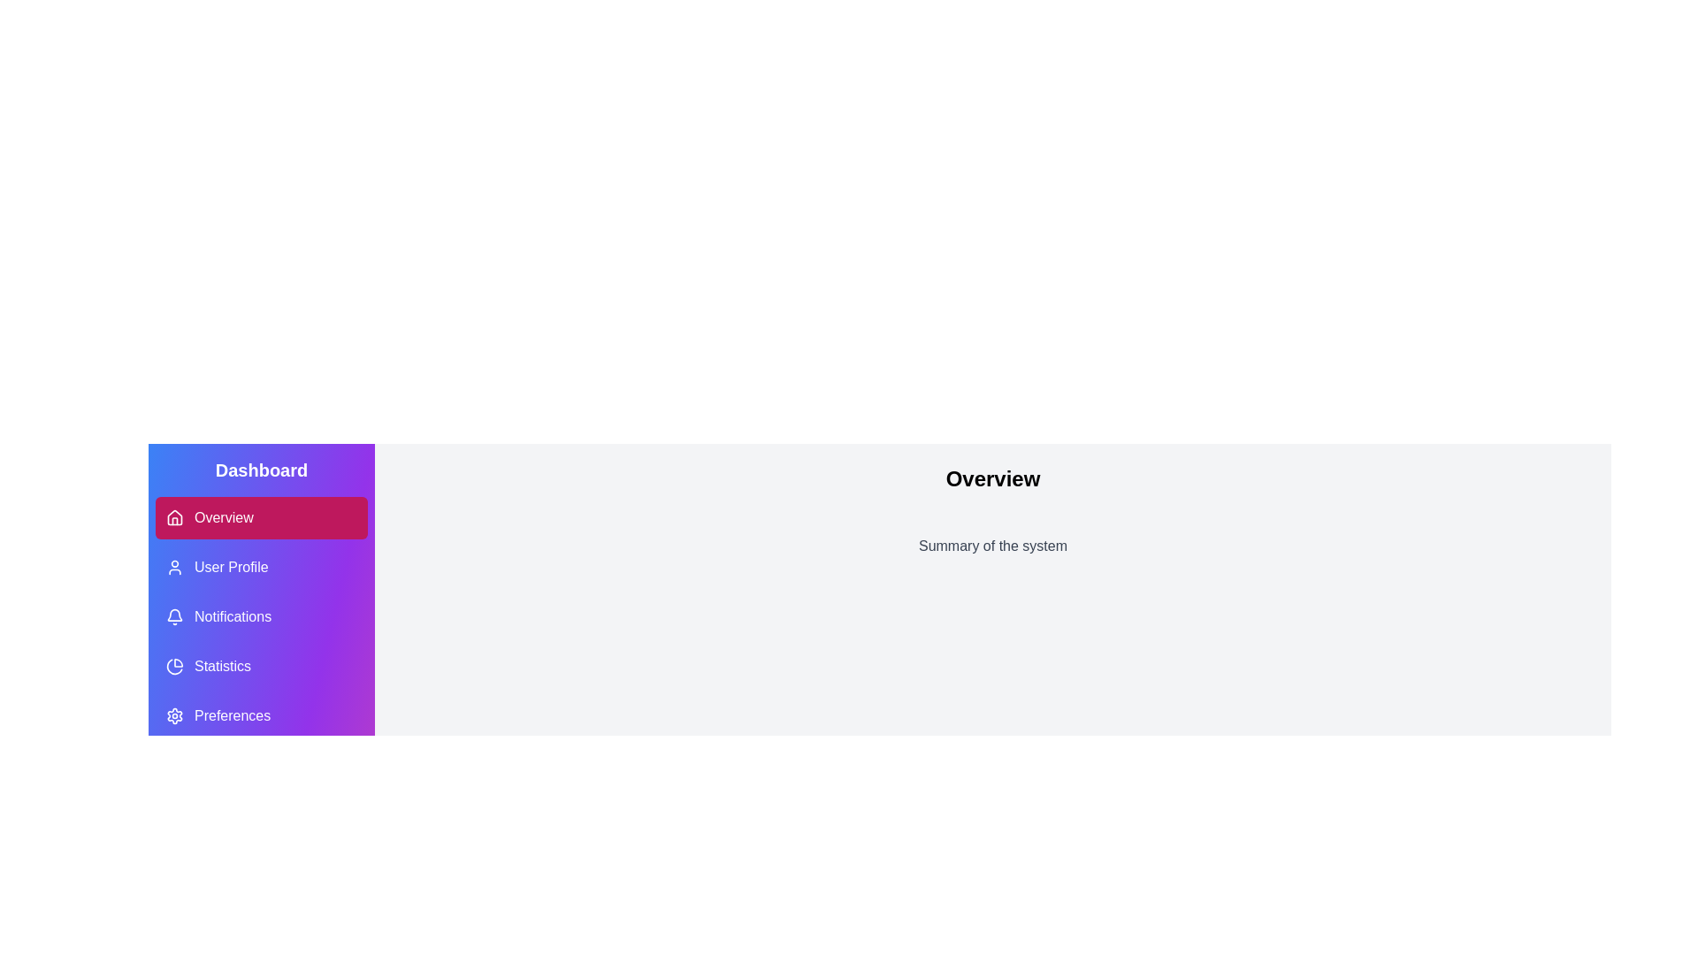 The image size is (1698, 955). I want to click on the informational text label located below the 'Overview' title, which provides a brief descriptive summary about the system, so click(993, 545).